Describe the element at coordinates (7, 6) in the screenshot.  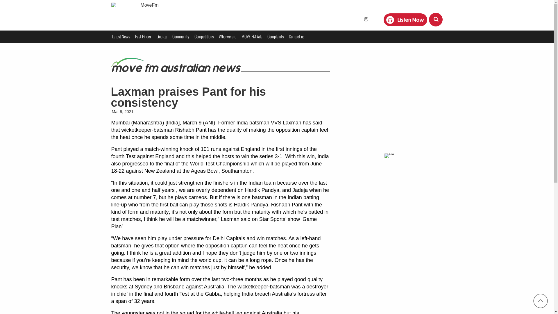
I see `'Search'` at that location.